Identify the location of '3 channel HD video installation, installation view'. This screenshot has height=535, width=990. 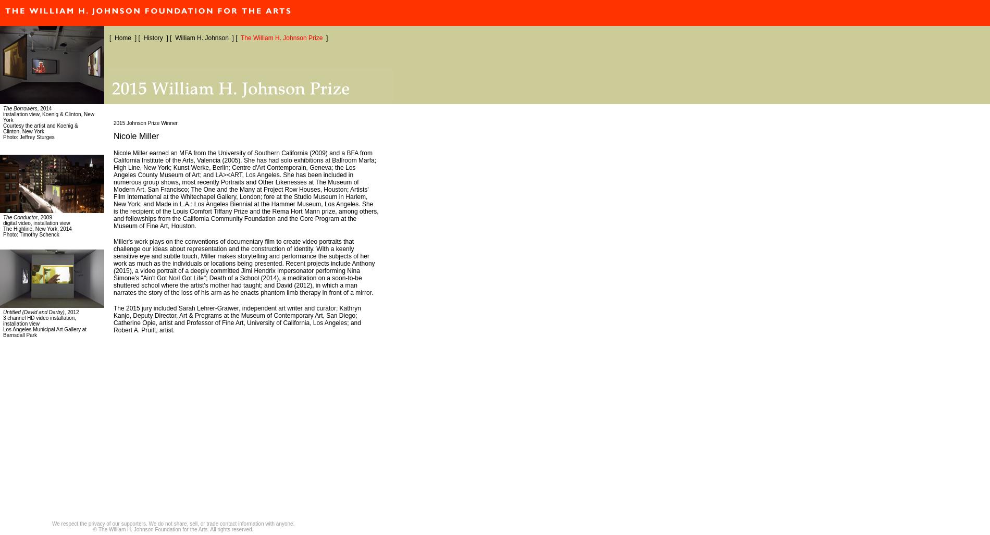
(3, 320).